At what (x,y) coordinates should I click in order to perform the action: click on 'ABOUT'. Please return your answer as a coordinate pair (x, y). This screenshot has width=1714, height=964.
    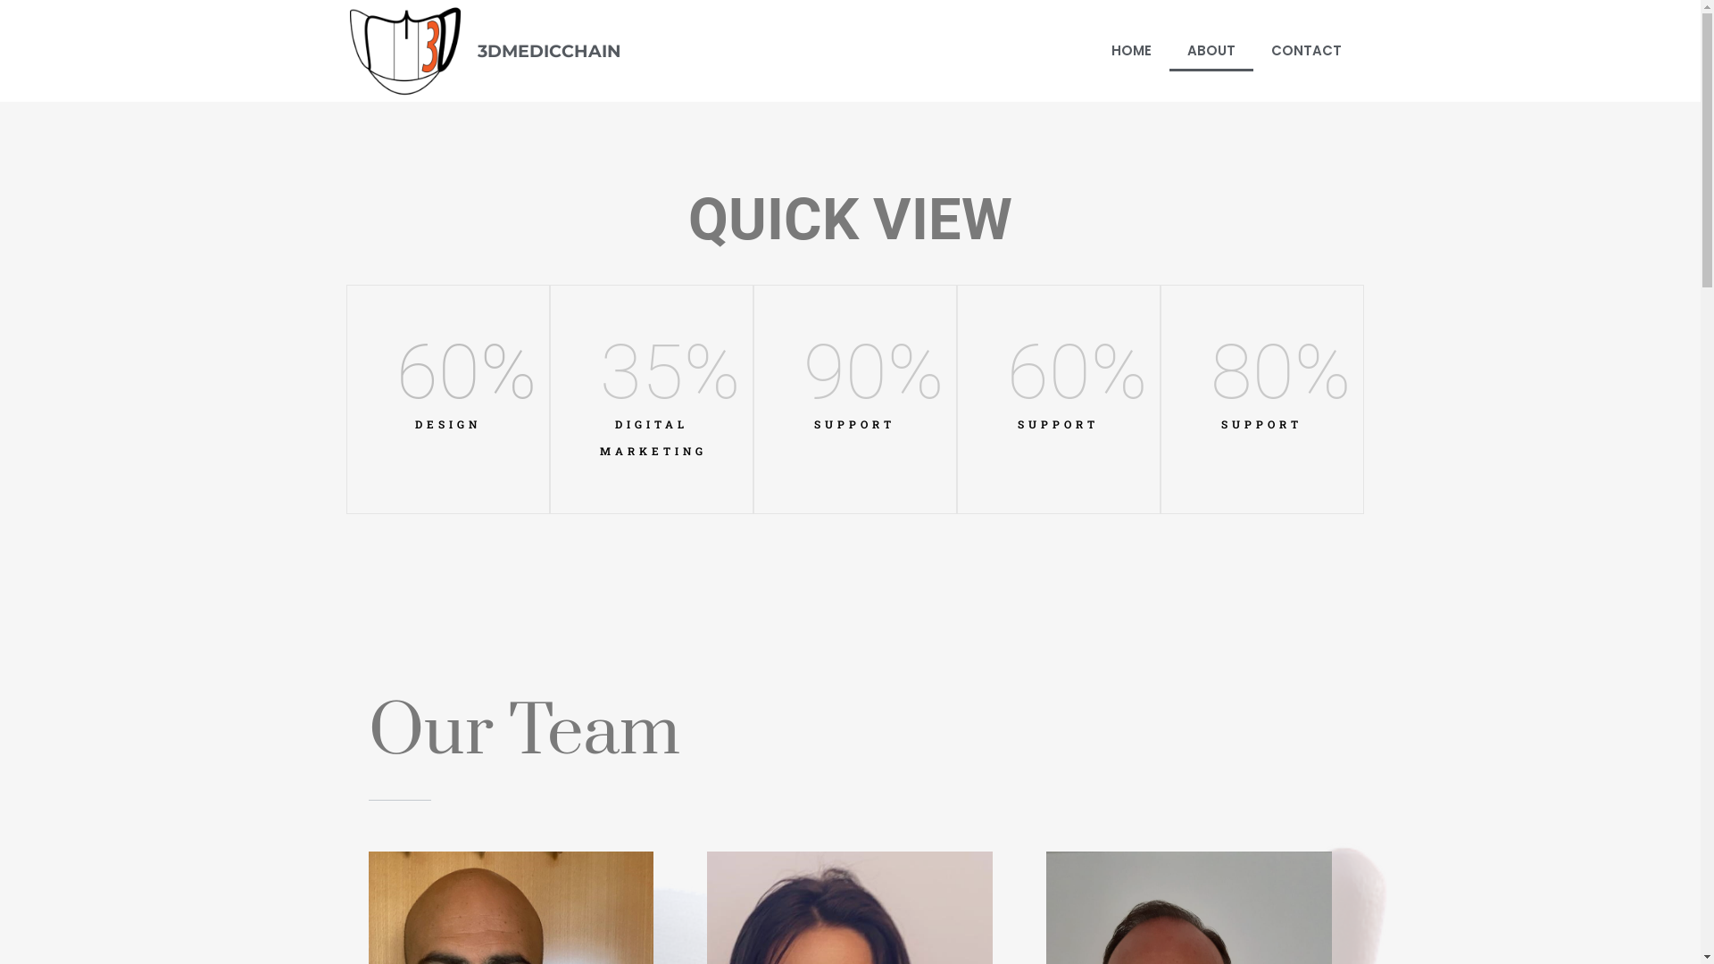
    Looking at the image, I should click on (1211, 50).